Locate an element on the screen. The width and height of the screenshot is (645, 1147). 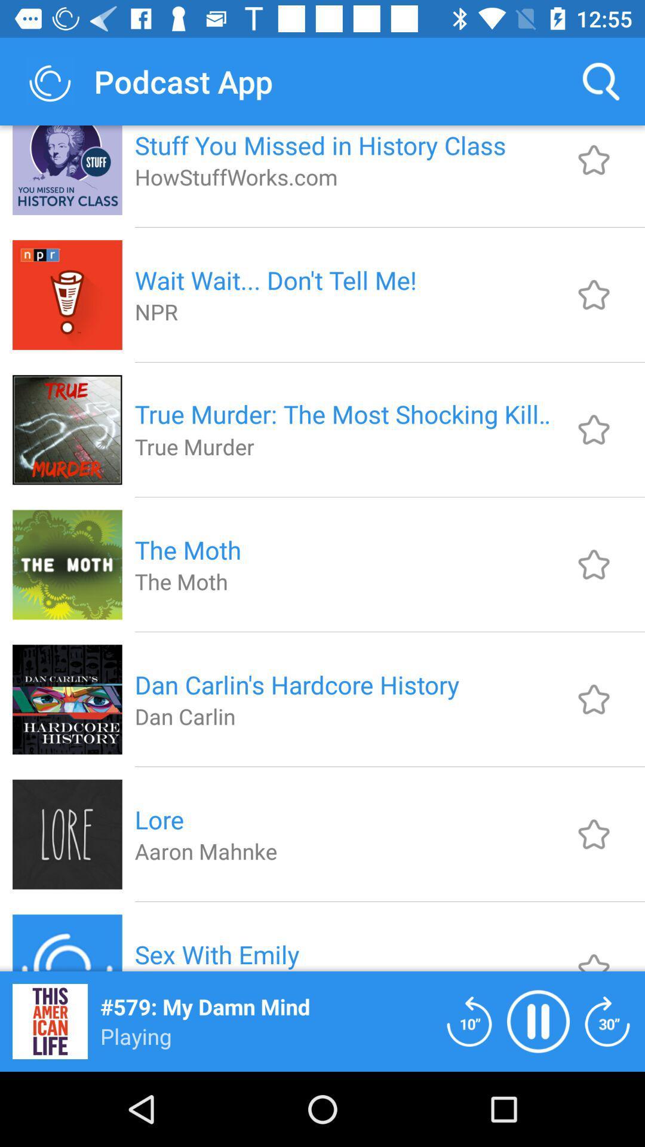
favourite is located at coordinates (594, 430).